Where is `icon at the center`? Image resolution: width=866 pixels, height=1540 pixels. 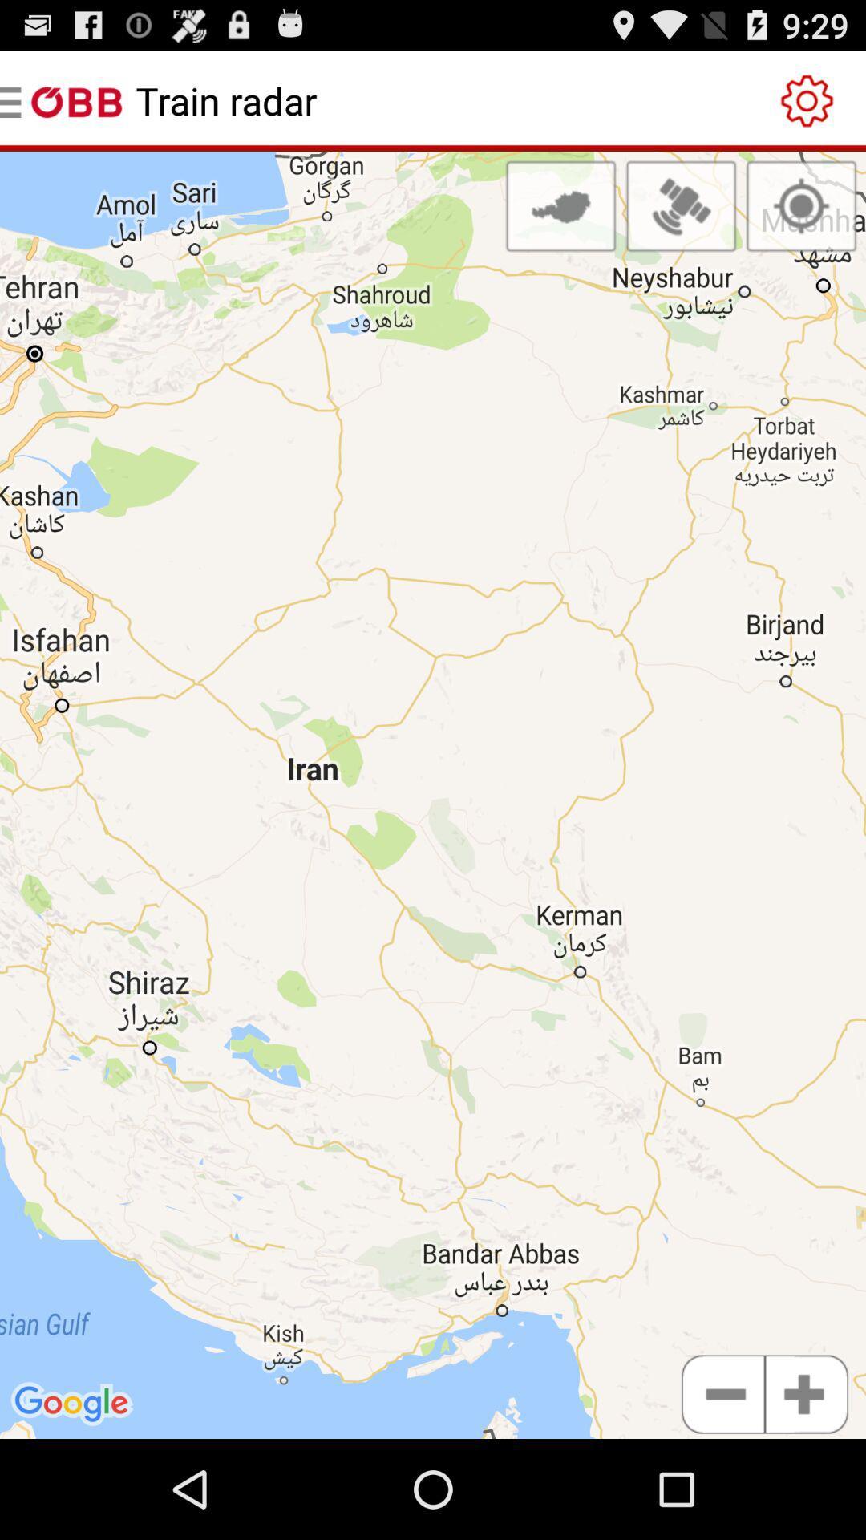 icon at the center is located at coordinates (433, 795).